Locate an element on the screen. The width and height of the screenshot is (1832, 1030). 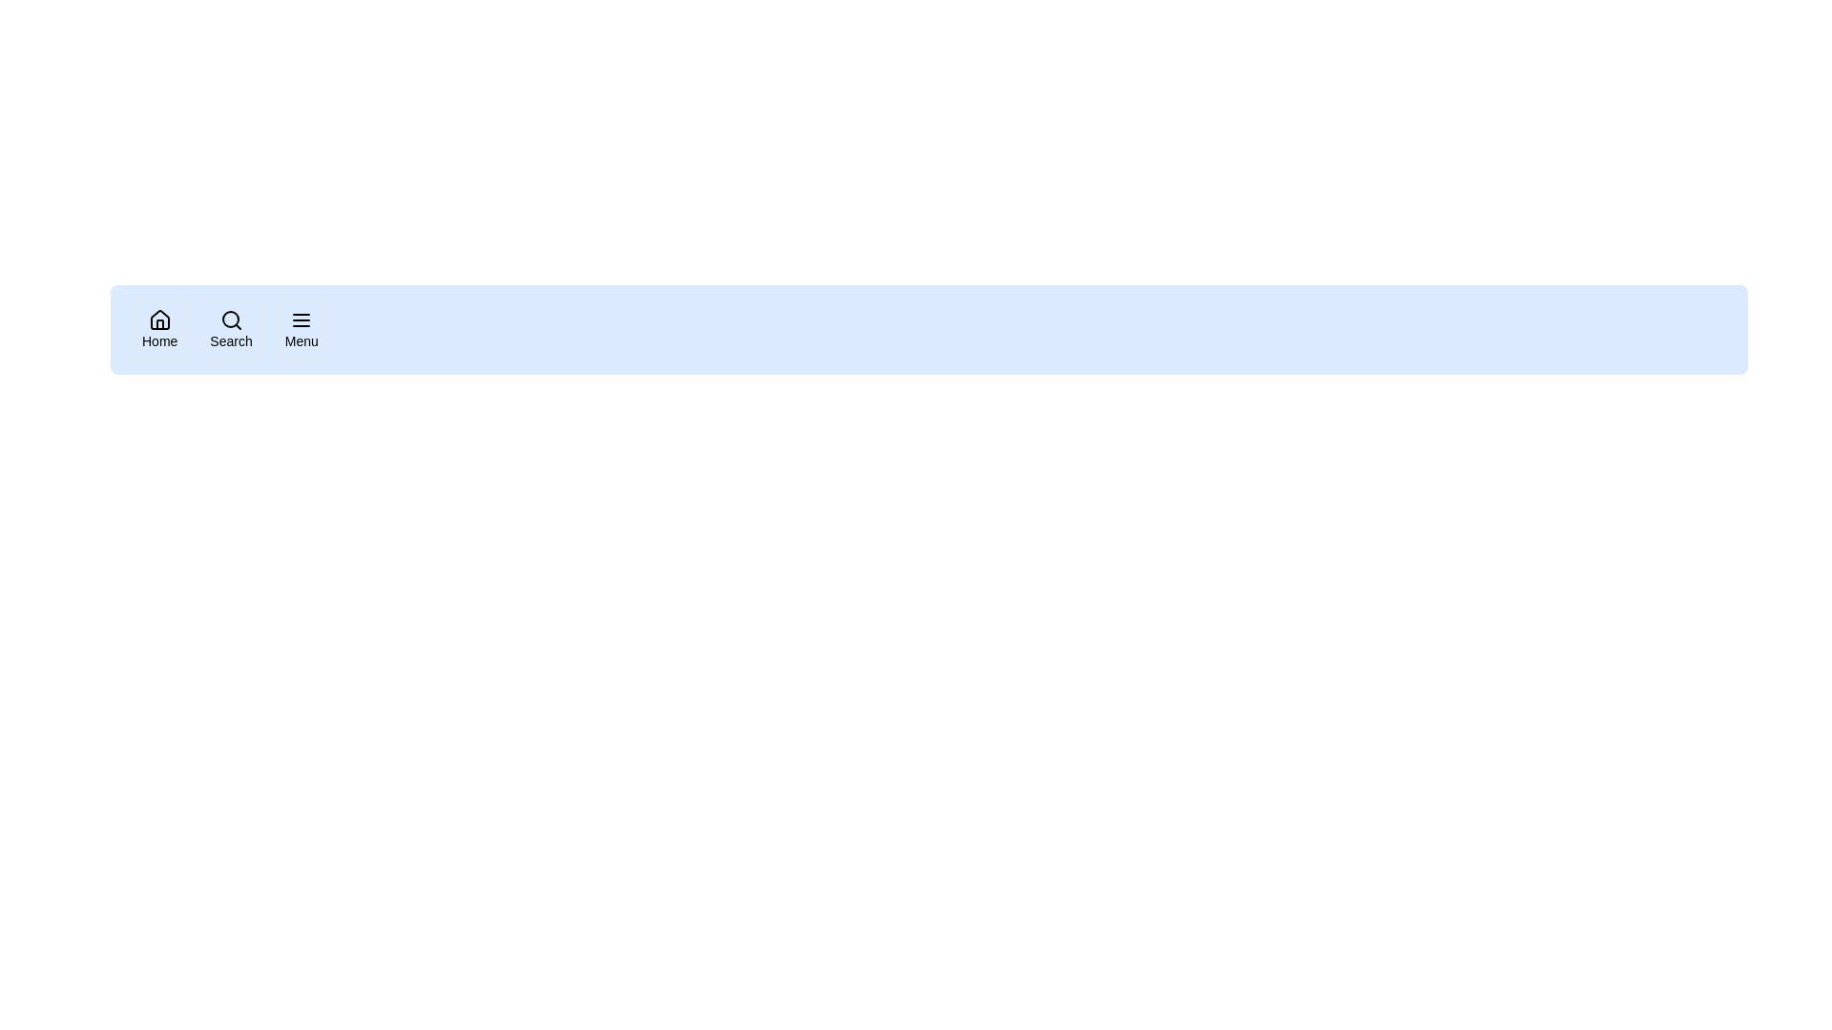
the 'Home' icon in the top-left navigation menu is located at coordinates (159, 319).